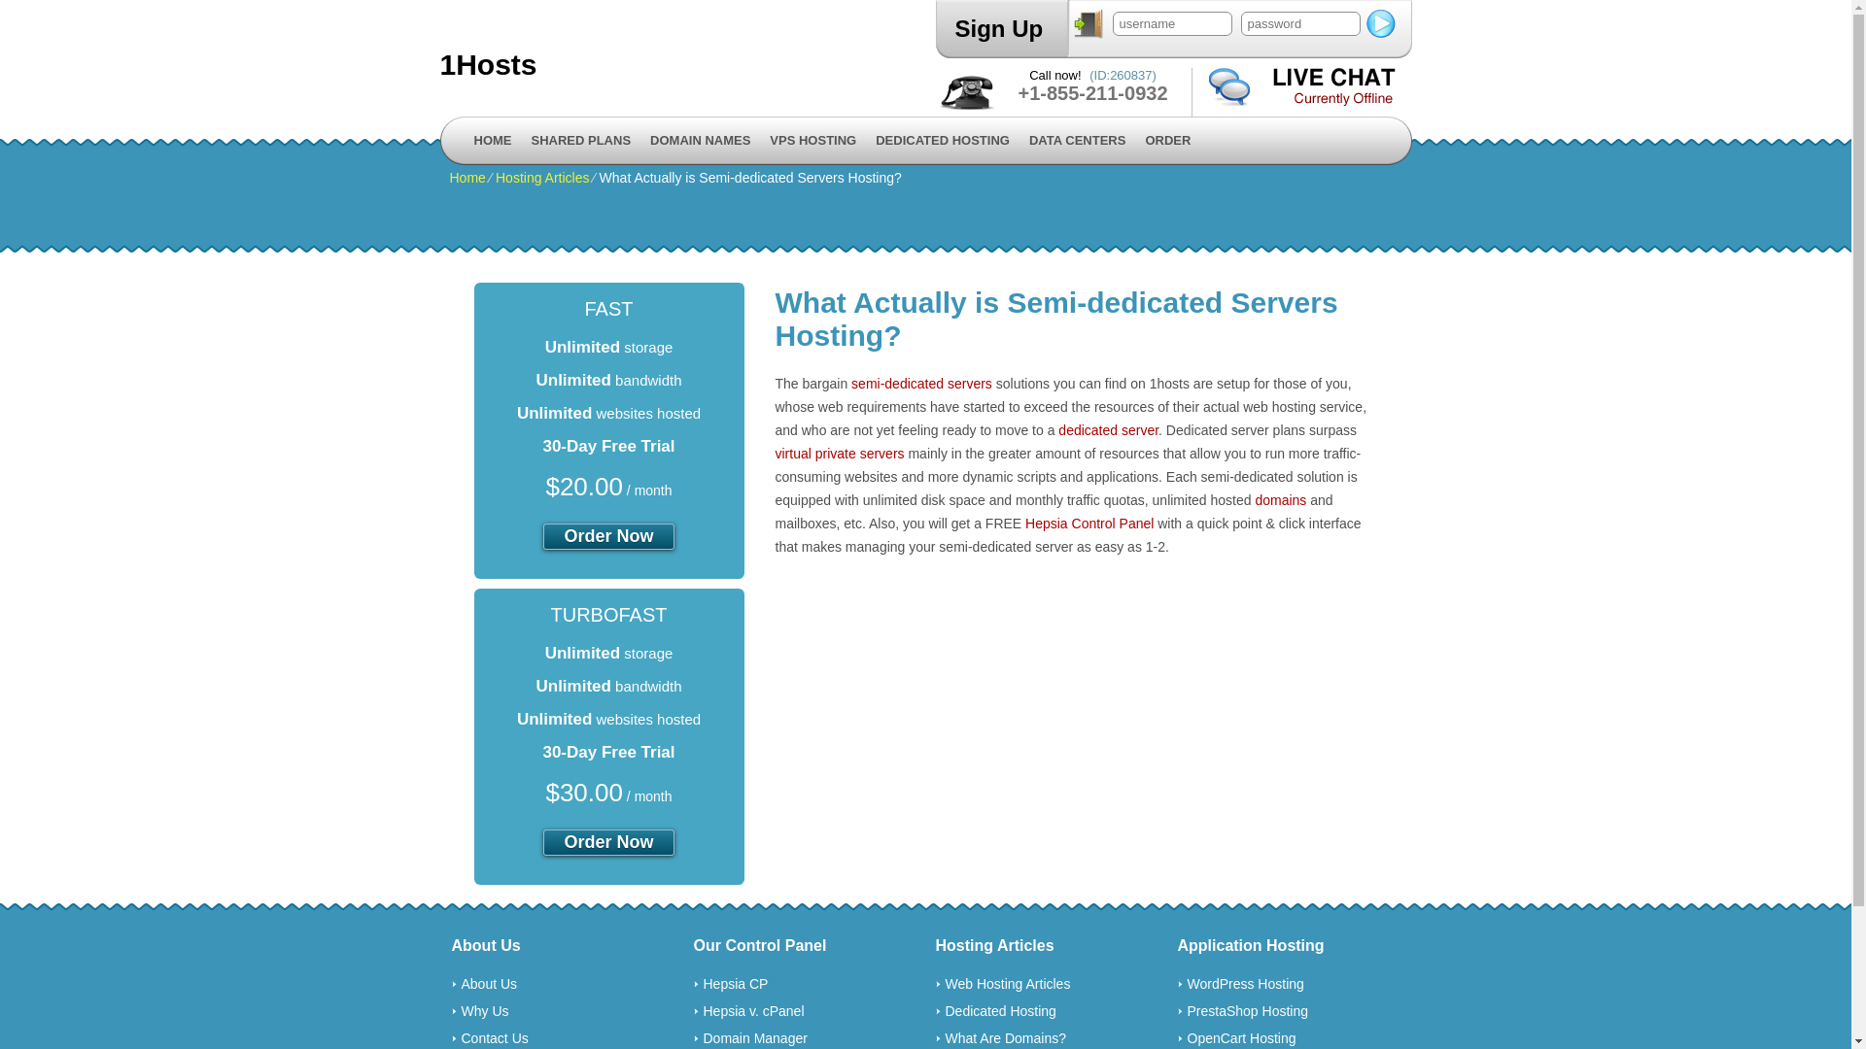 This screenshot has width=1866, height=1049. Describe the element at coordinates (493, 140) in the screenshot. I see `'HOME'` at that location.